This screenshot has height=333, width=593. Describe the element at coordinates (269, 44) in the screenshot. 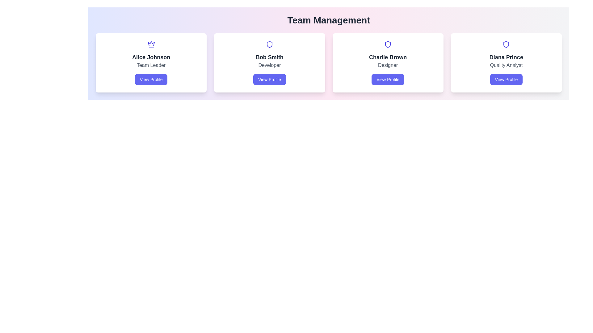

I see `the shield icon located above the name 'Bob Smith' in the card labeled 'Developer', which is the second card from the left` at that location.